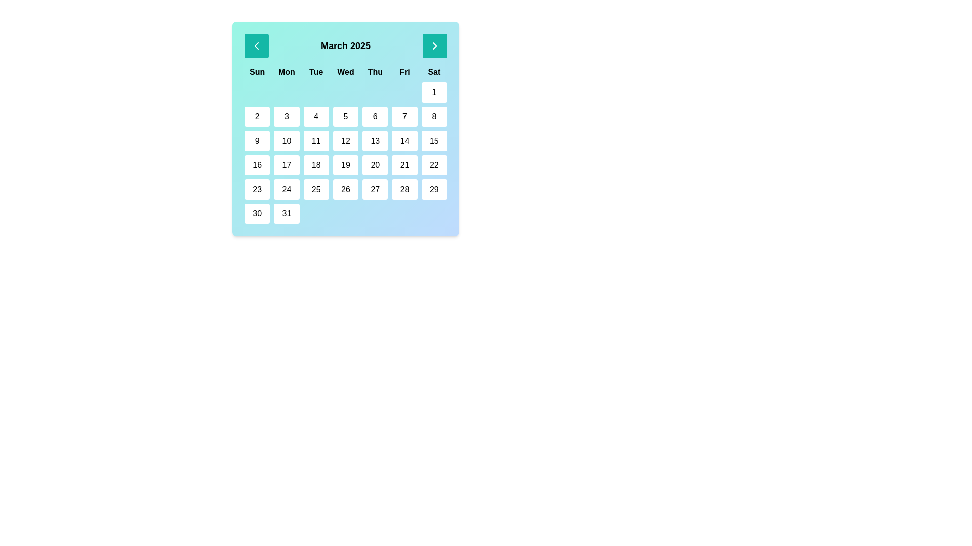  I want to click on the button representing March 17, 2025, located in the 3rd row, 2nd column of the calendar grid, so click(286, 165).